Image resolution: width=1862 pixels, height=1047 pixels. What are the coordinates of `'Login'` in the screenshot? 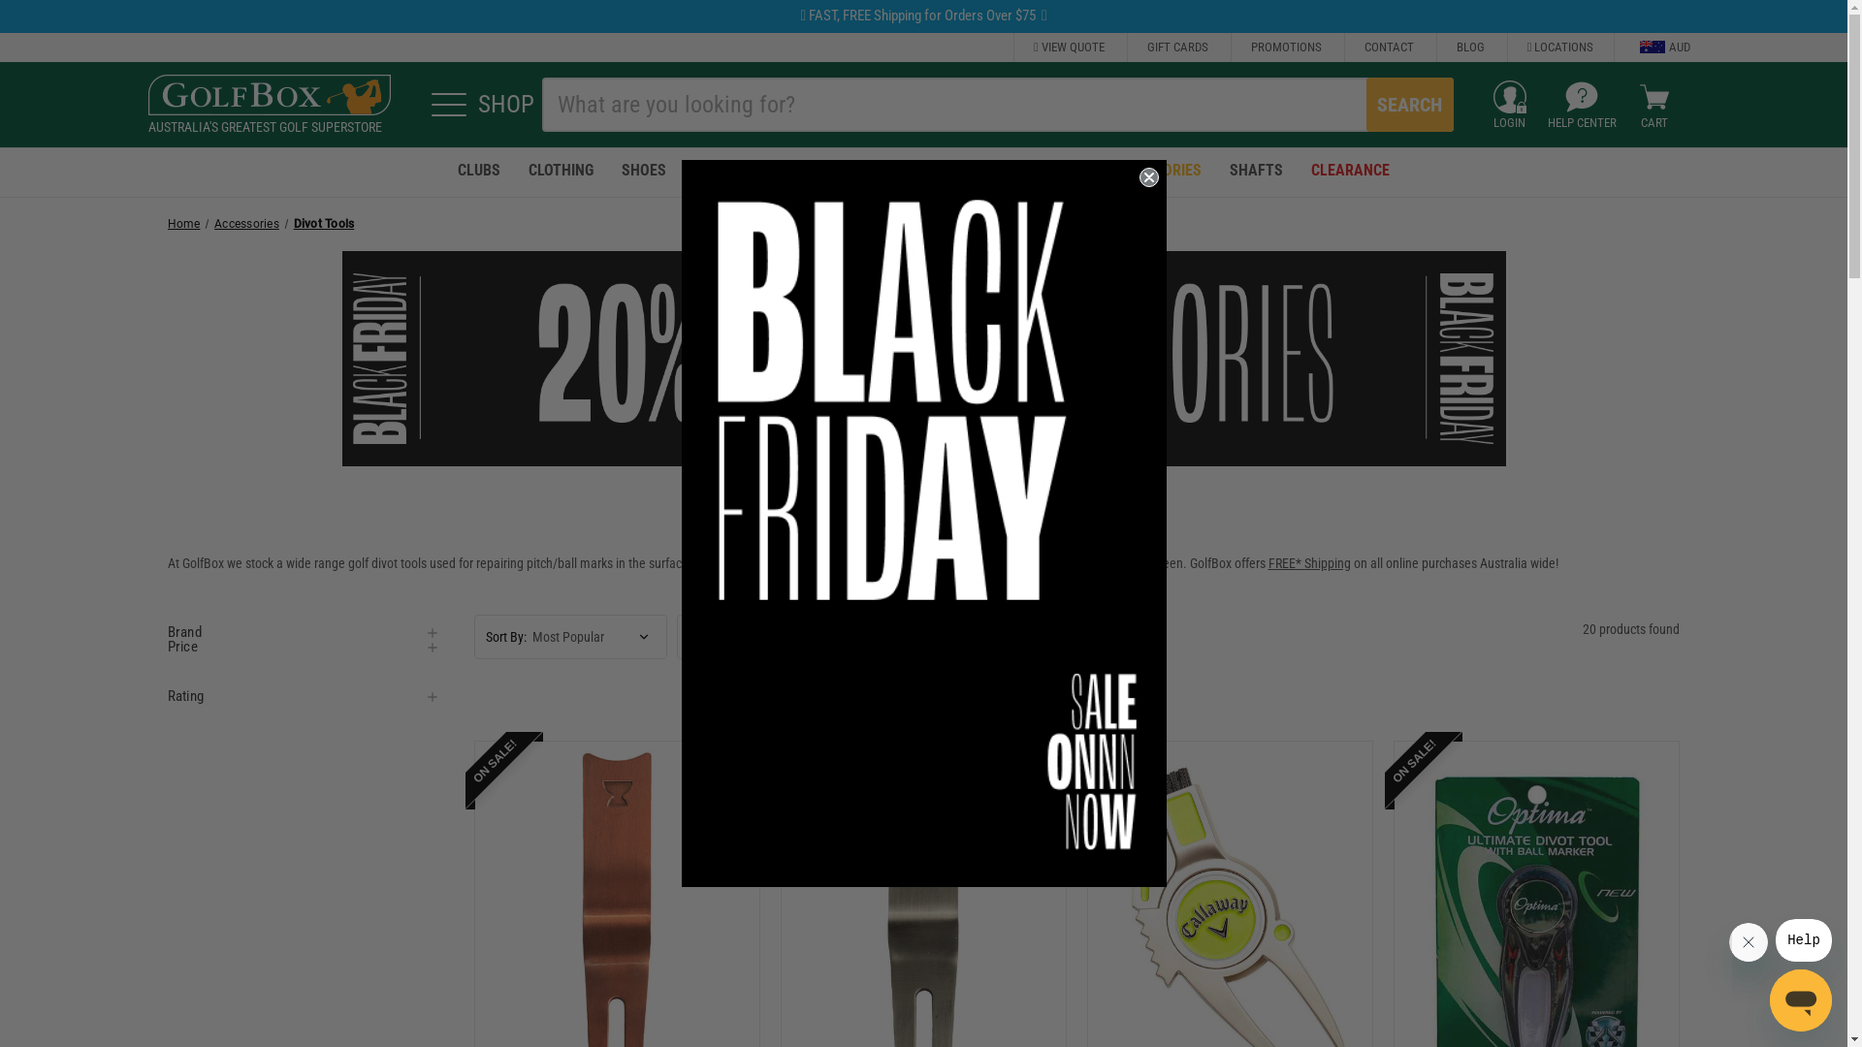 It's located at (1508, 97).